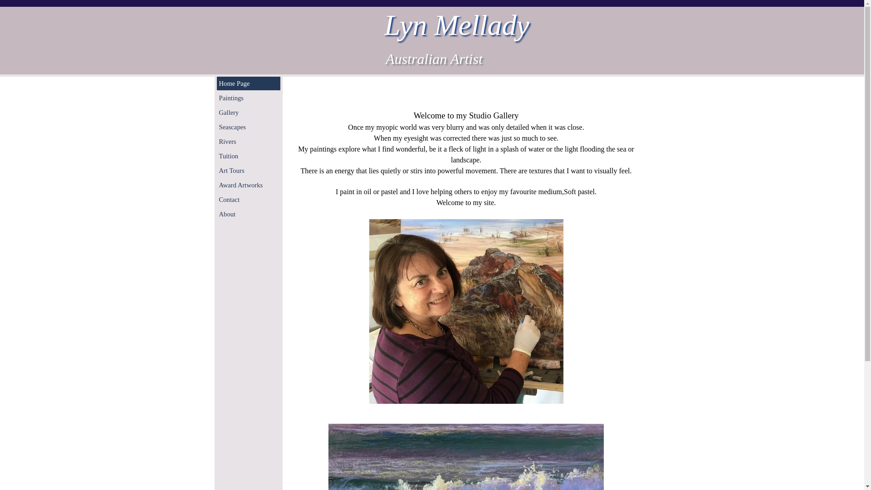 Image resolution: width=871 pixels, height=490 pixels. Describe the element at coordinates (248, 199) in the screenshot. I see `'Contact'` at that location.